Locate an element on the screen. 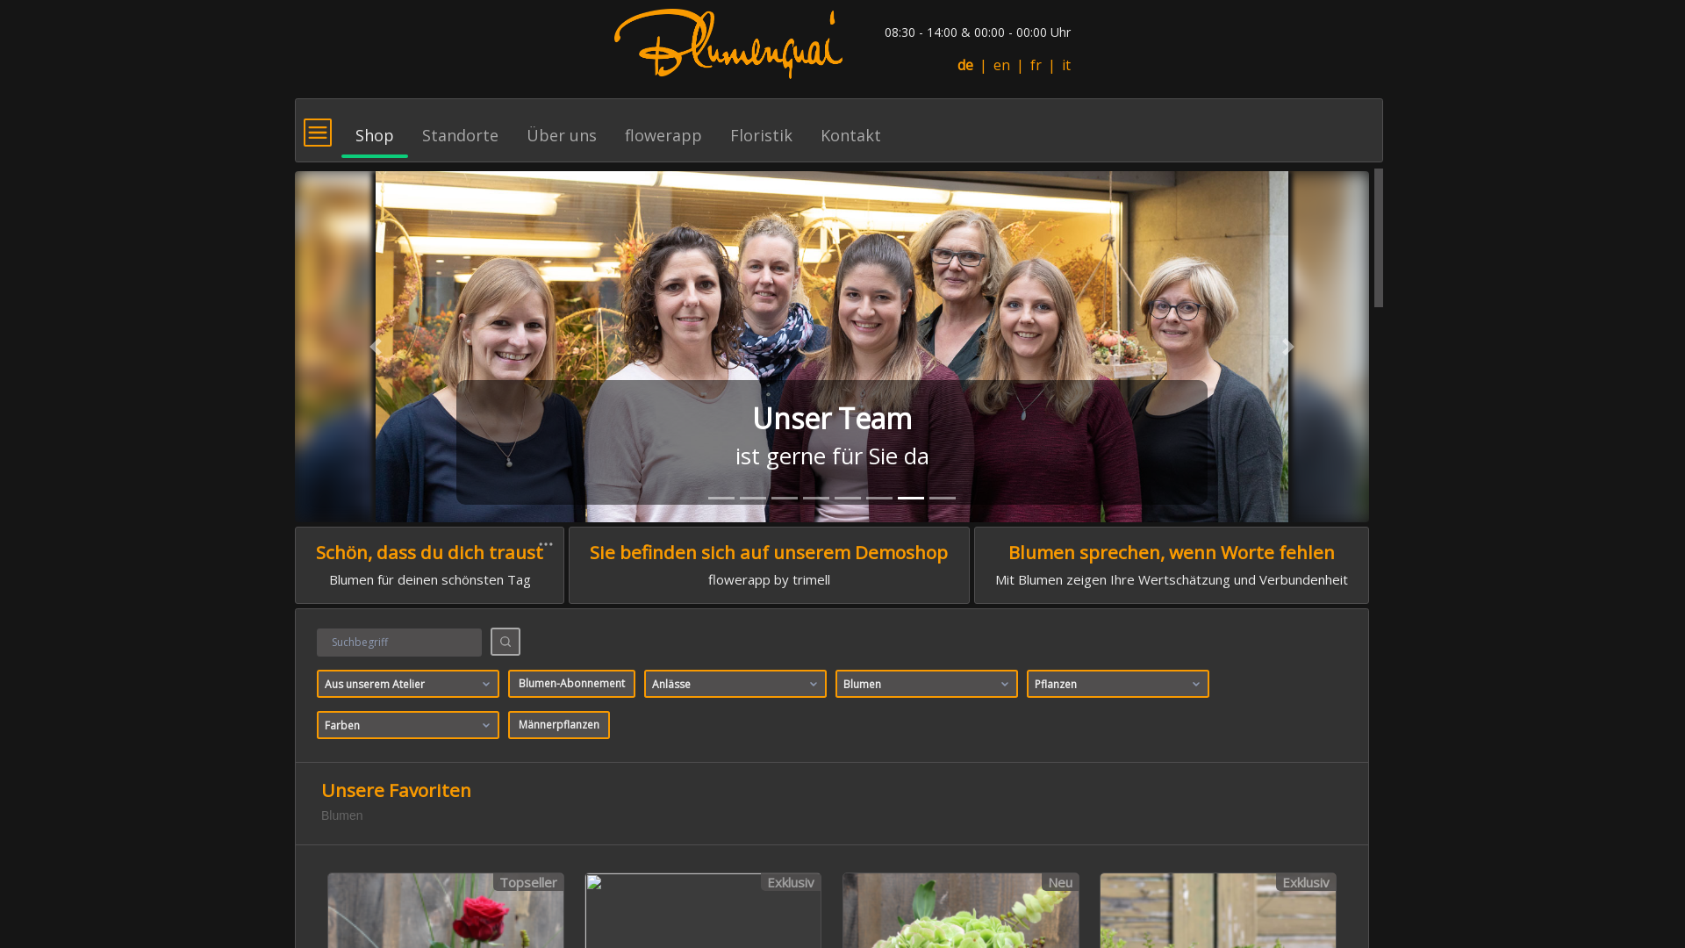 The height and width of the screenshot is (948, 1685). 'Floristik' is located at coordinates (716, 126).